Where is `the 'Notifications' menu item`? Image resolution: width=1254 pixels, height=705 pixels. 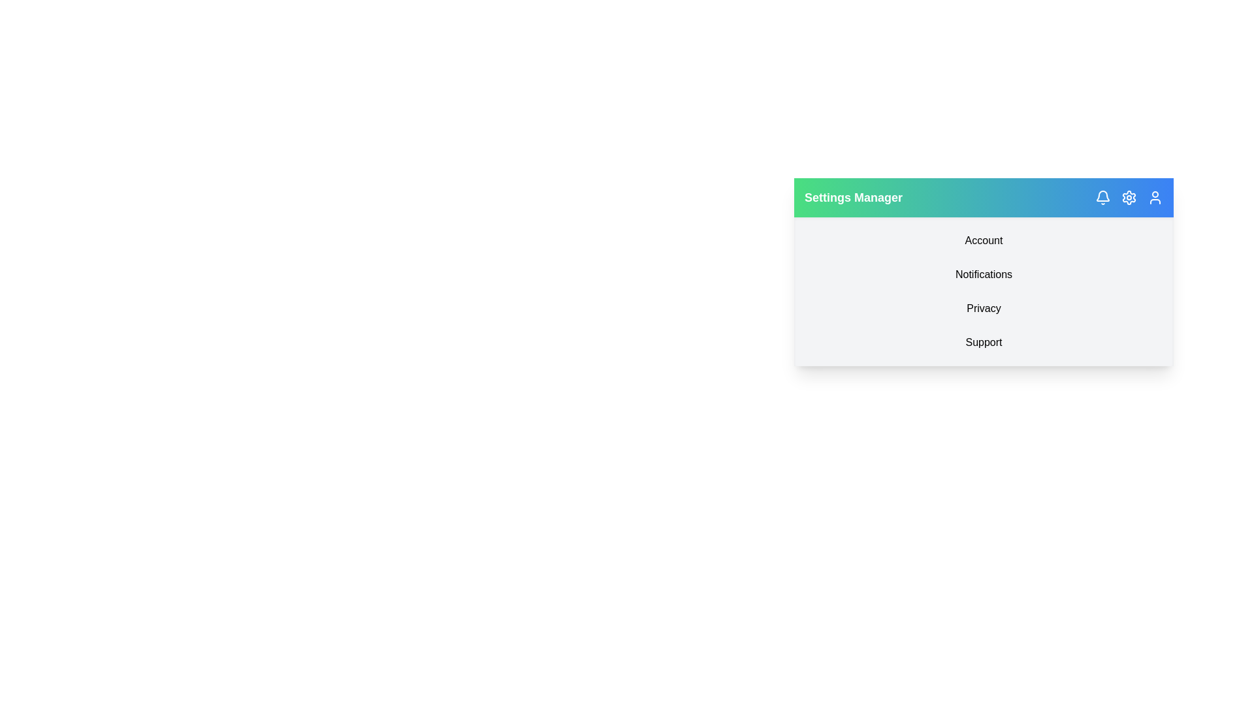
the 'Notifications' menu item is located at coordinates (984, 274).